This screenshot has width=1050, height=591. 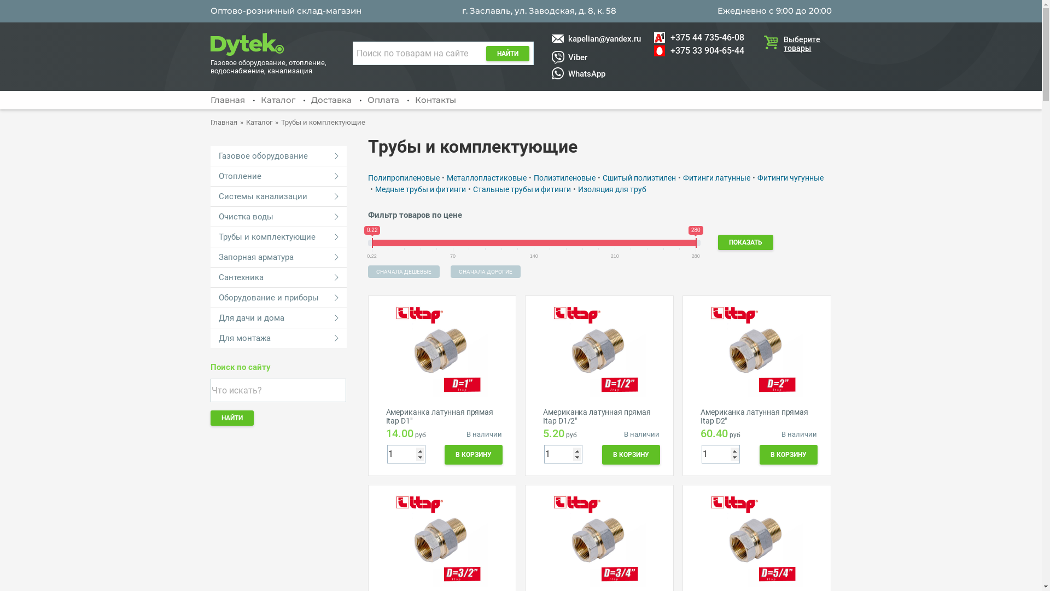 What do you see at coordinates (654, 37) in the screenshot?
I see `'+375 44 735-46-08'` at bounding box center [654, 37].